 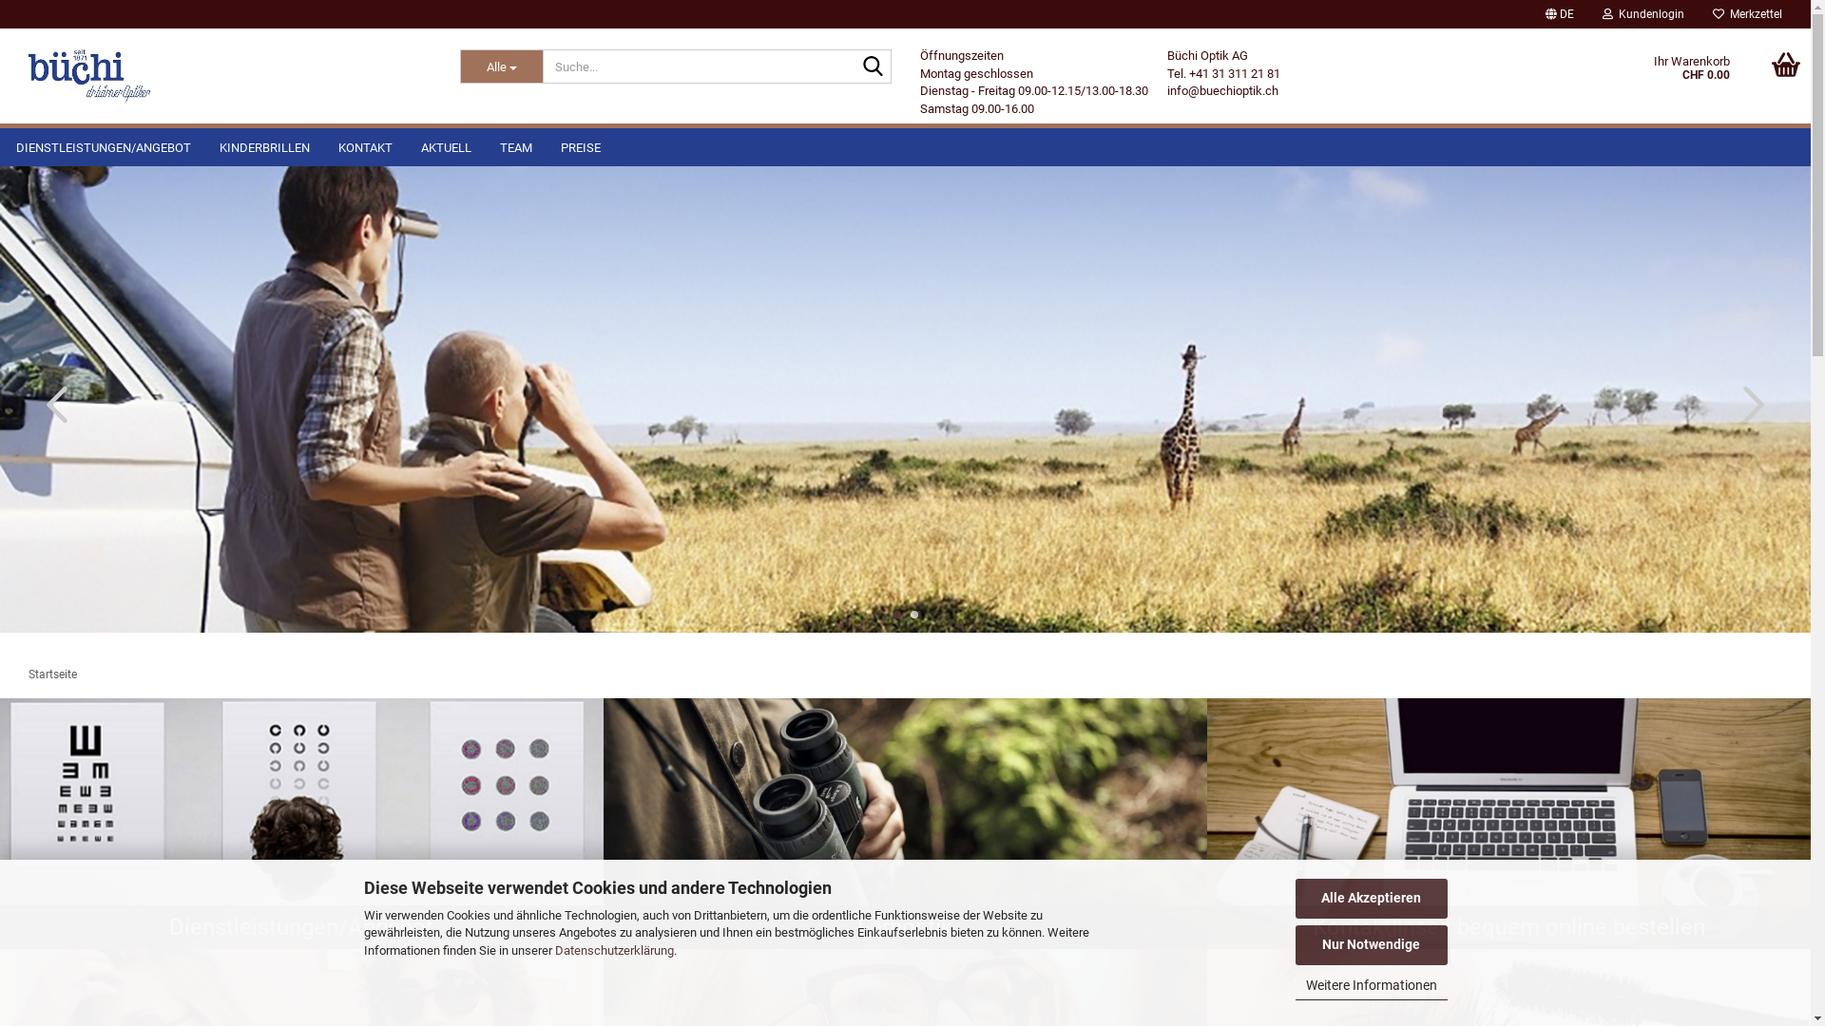 What do you see at coordinates (205, 145) in the screenshot?
I see `'KINDERBRILLEN'` at bounding box center [205, 145].